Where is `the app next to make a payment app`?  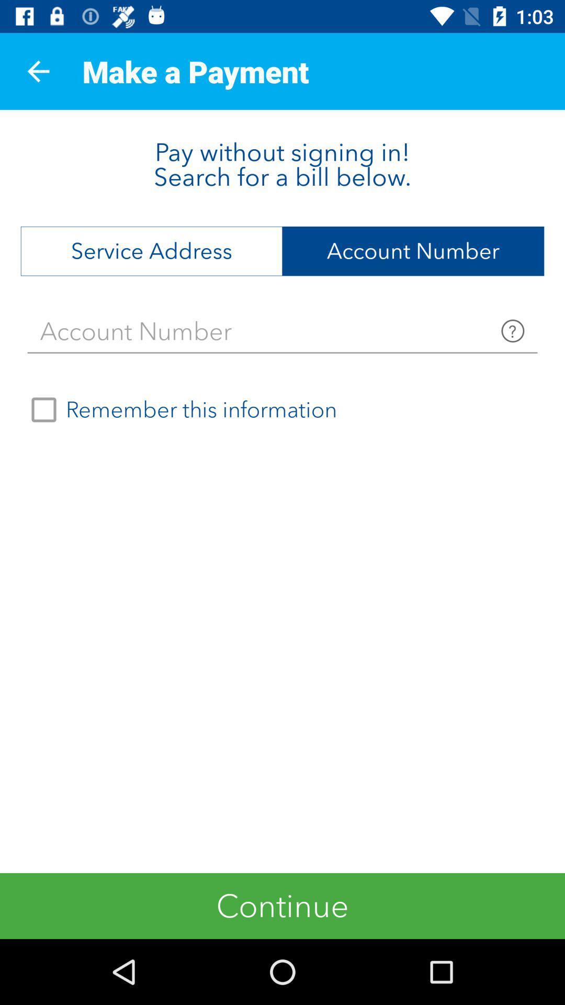 the app next to make a payment app is located at coordinates (38, 71).